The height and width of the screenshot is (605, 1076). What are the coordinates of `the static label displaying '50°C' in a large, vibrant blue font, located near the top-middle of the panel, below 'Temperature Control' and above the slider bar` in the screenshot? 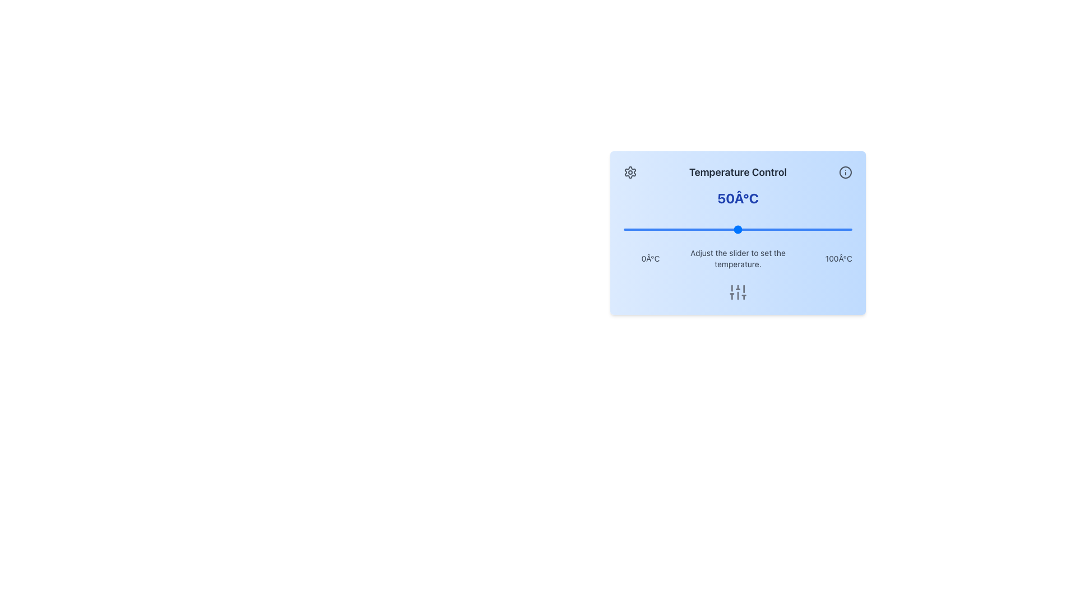 It's located at (738, 198).